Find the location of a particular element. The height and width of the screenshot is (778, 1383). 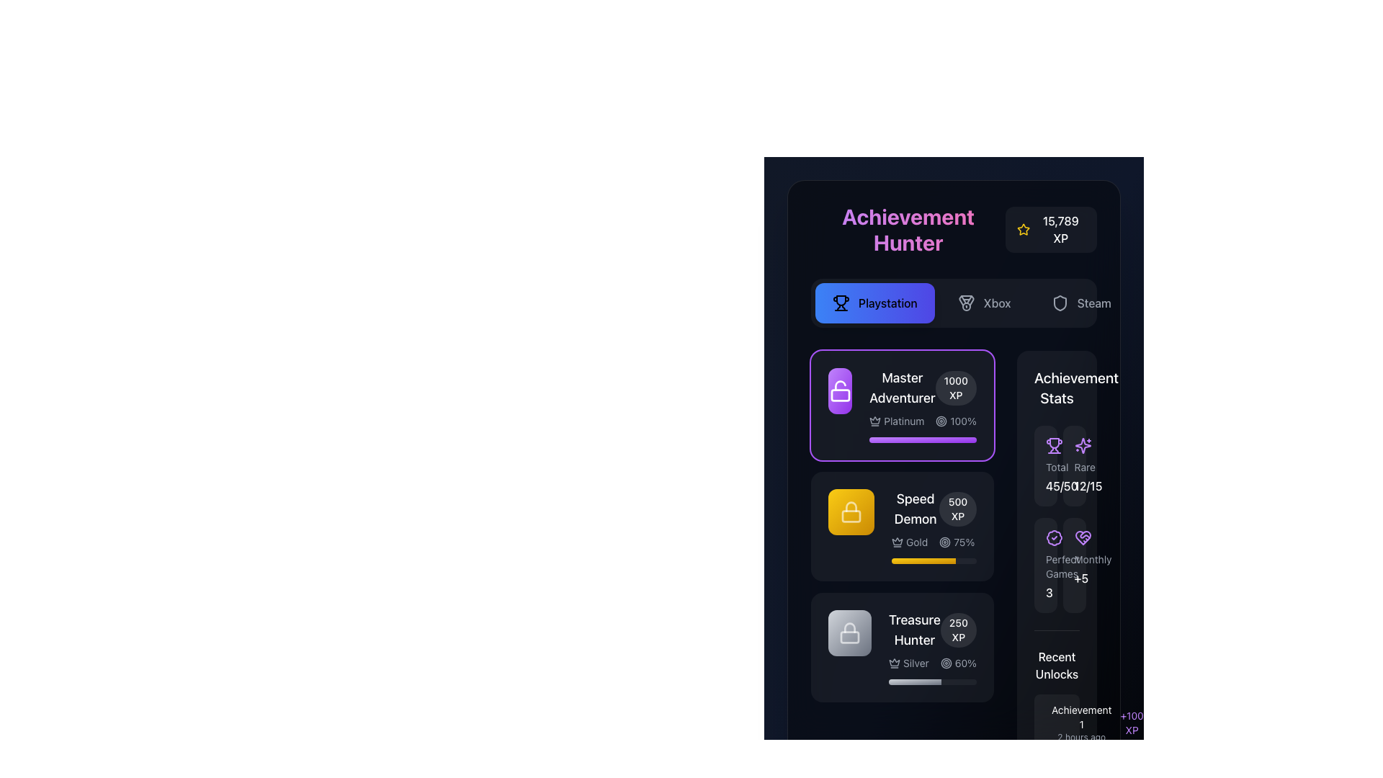

the text label displaying '15,789 XP' in white font, located in the top-right corner of a rounded rectangular box with a dark background is located at coordinates (1060, 229).